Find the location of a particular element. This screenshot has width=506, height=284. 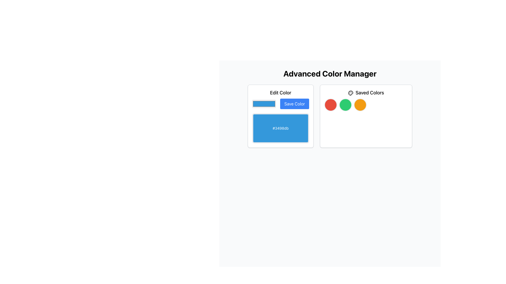

the third circular color selection indicator in the 'Saved Colors' section is located at coordinates (360, 105).